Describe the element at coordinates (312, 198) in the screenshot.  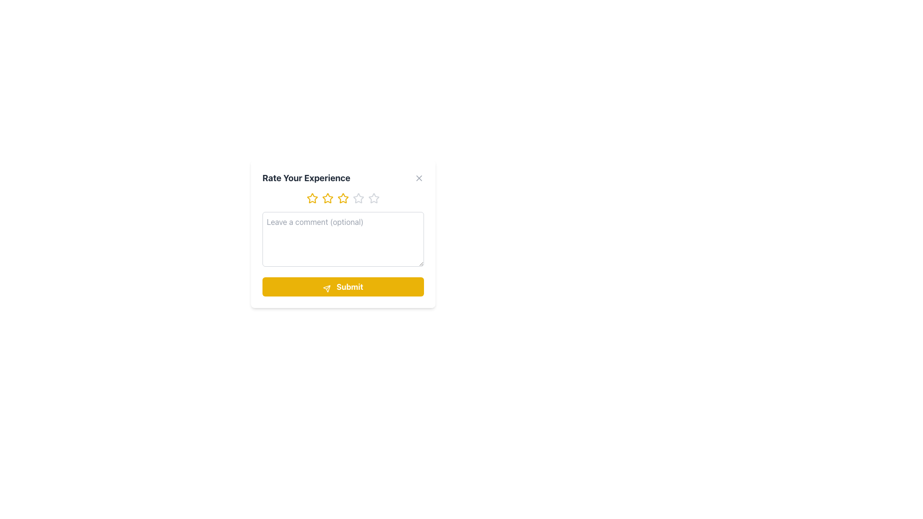
I see `the second star icon from the left in the rating section at the top of the feedback form` at that location.